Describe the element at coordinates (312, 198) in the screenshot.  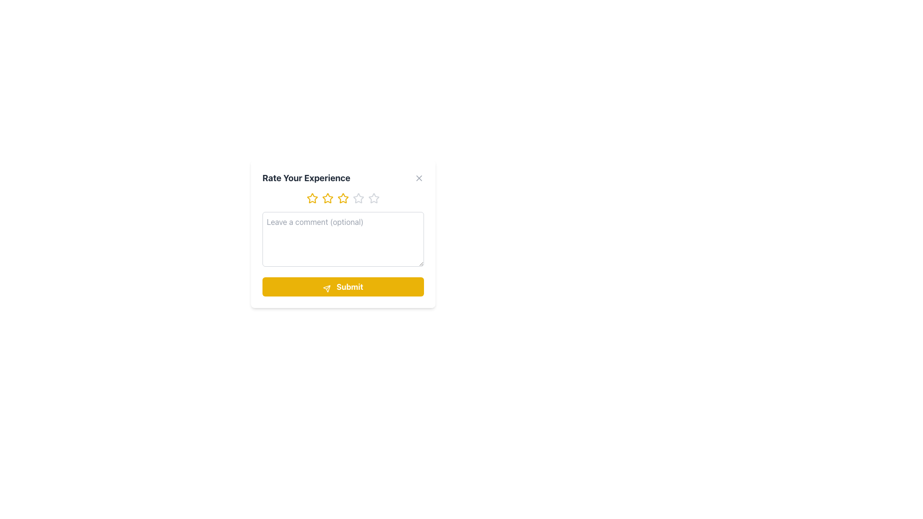
I see `the second star icon from the left in the rating section at the top of the feedback form` at that location.